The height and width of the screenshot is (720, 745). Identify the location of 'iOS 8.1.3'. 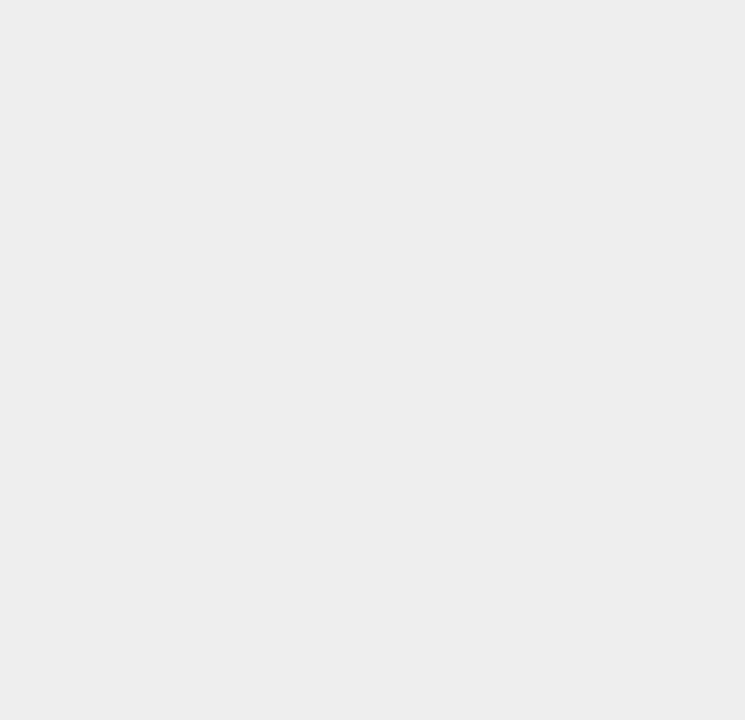
(545, 95).